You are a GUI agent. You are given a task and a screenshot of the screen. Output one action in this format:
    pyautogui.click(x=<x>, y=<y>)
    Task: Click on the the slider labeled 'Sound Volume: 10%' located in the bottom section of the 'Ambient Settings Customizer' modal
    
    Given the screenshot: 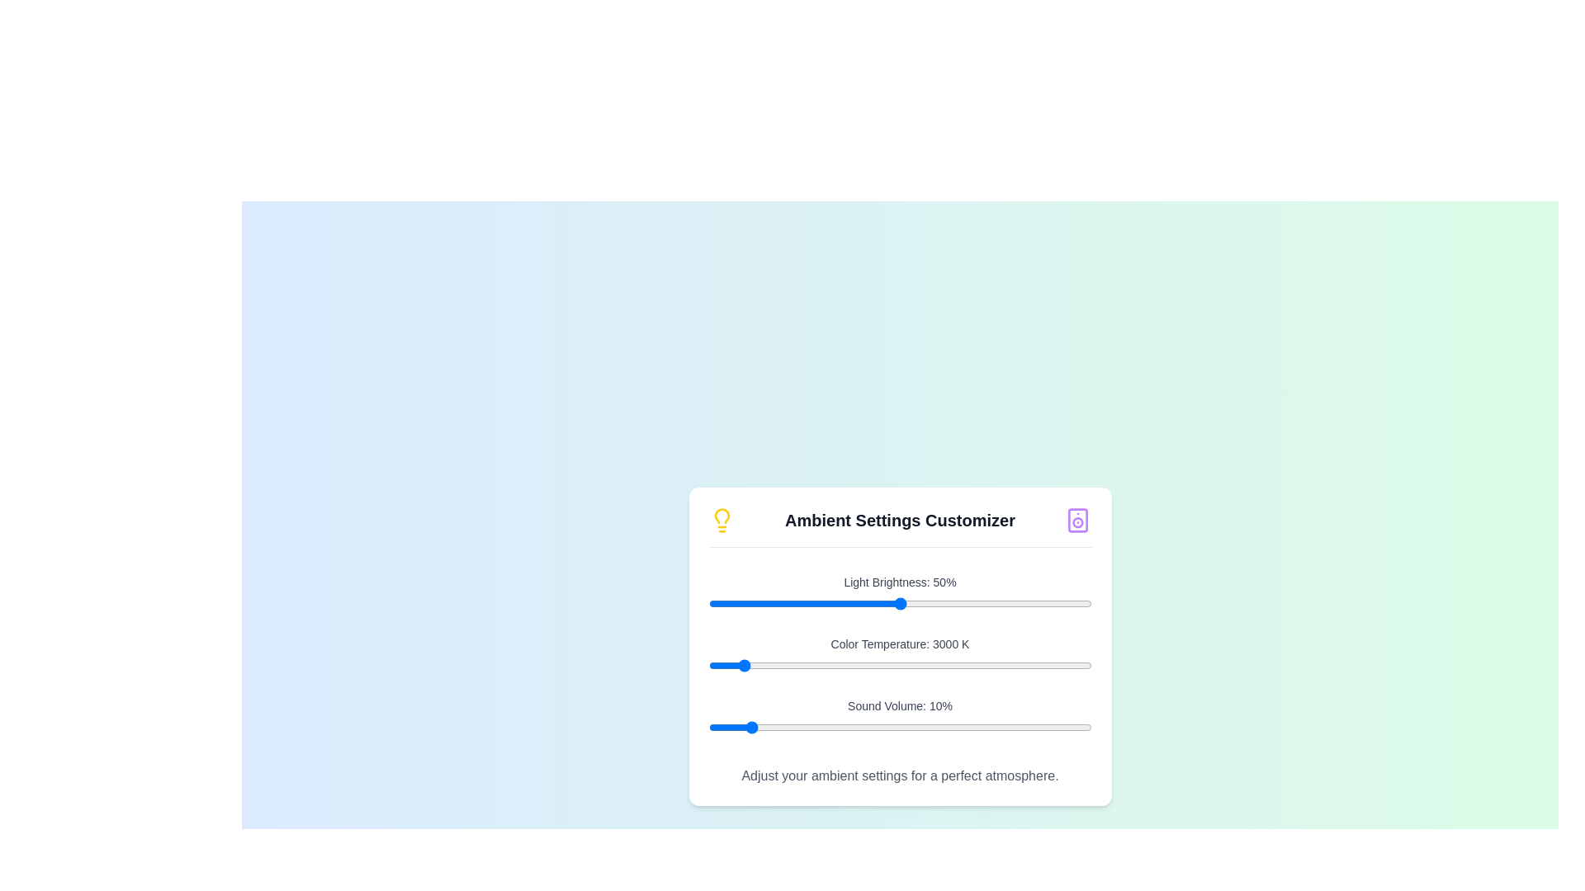 What is the action you would take?
    pyautogui.click(x=899, y=727)
    